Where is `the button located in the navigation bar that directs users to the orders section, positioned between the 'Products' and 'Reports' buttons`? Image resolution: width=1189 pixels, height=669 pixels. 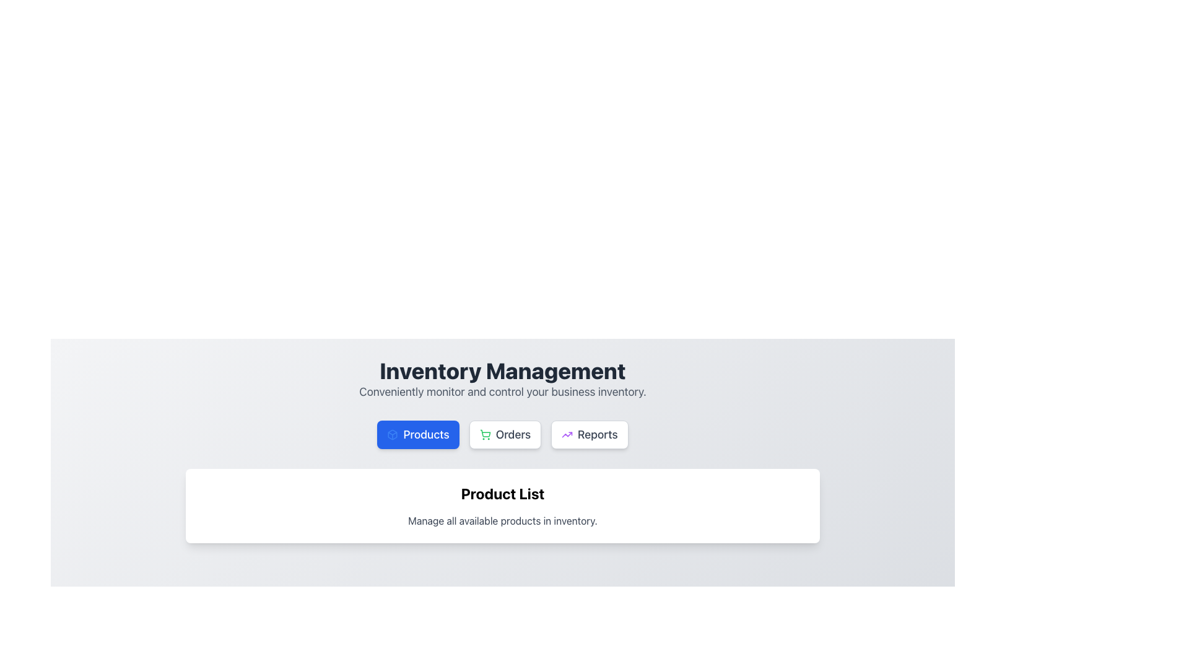 the button located in the navigation bar that directs users to the orders section, positioned between the 'Products' and 'Reports' buttons is located at coordinates (505, 434).